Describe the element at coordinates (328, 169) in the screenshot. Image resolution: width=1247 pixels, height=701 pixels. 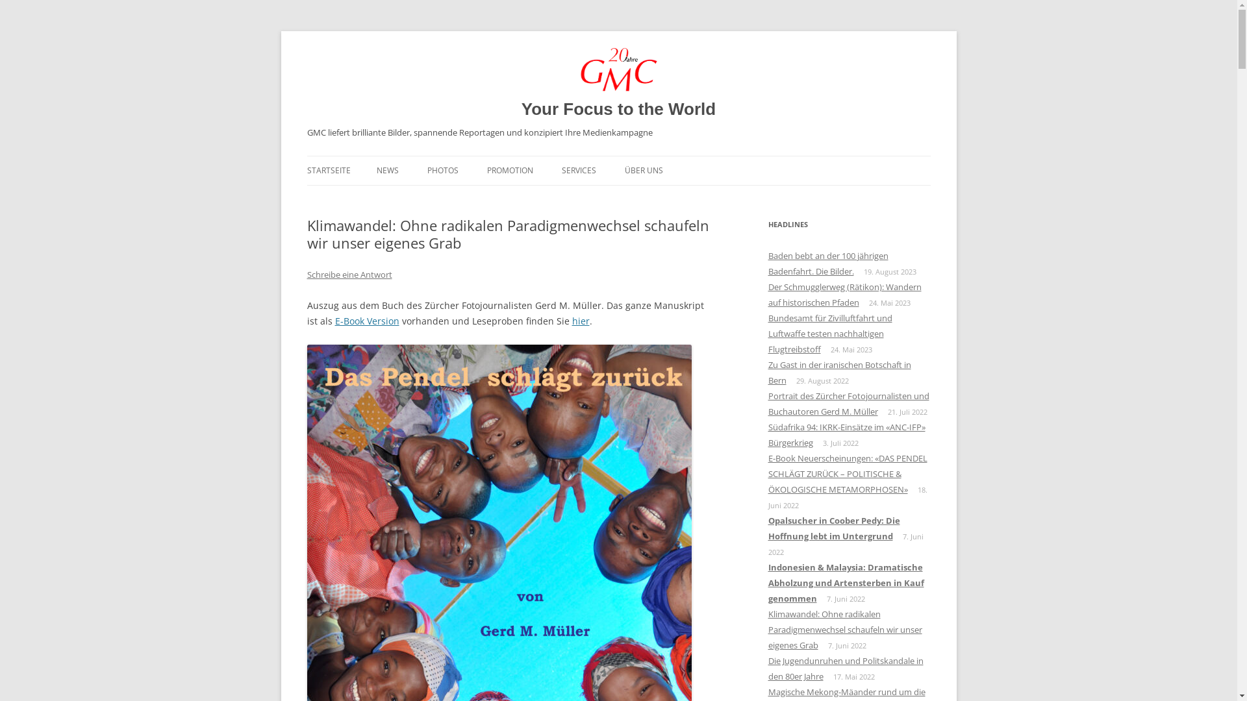
I see `'STARTSEITE'` at that location.